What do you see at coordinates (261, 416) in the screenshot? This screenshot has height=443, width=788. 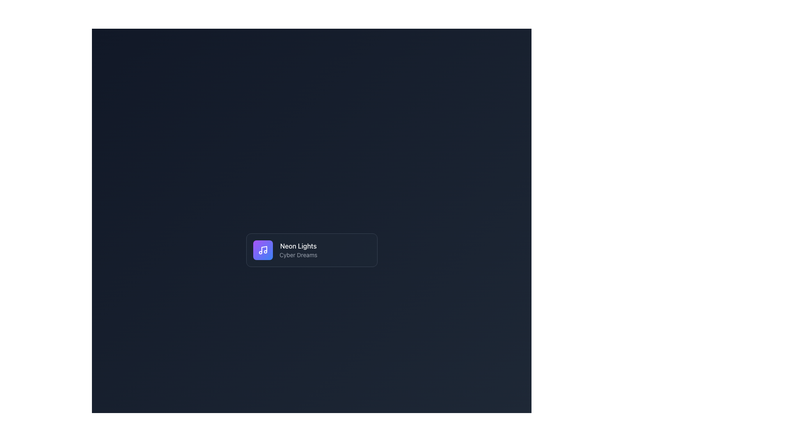 I see `the decorative vector graphic component that visually indicates the speaker part of the volume control icon located at the bottom-right of the interface` at bounding box center [261, 416].